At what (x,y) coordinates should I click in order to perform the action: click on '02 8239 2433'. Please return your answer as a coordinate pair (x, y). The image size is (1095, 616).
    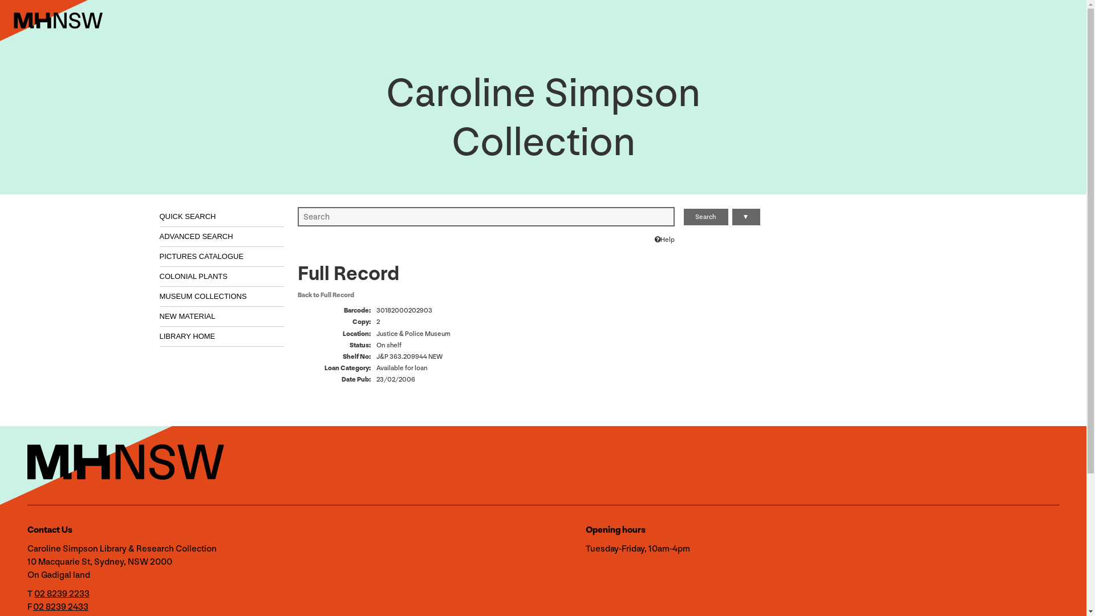
    Looking at the image, I should click on (60, 606).